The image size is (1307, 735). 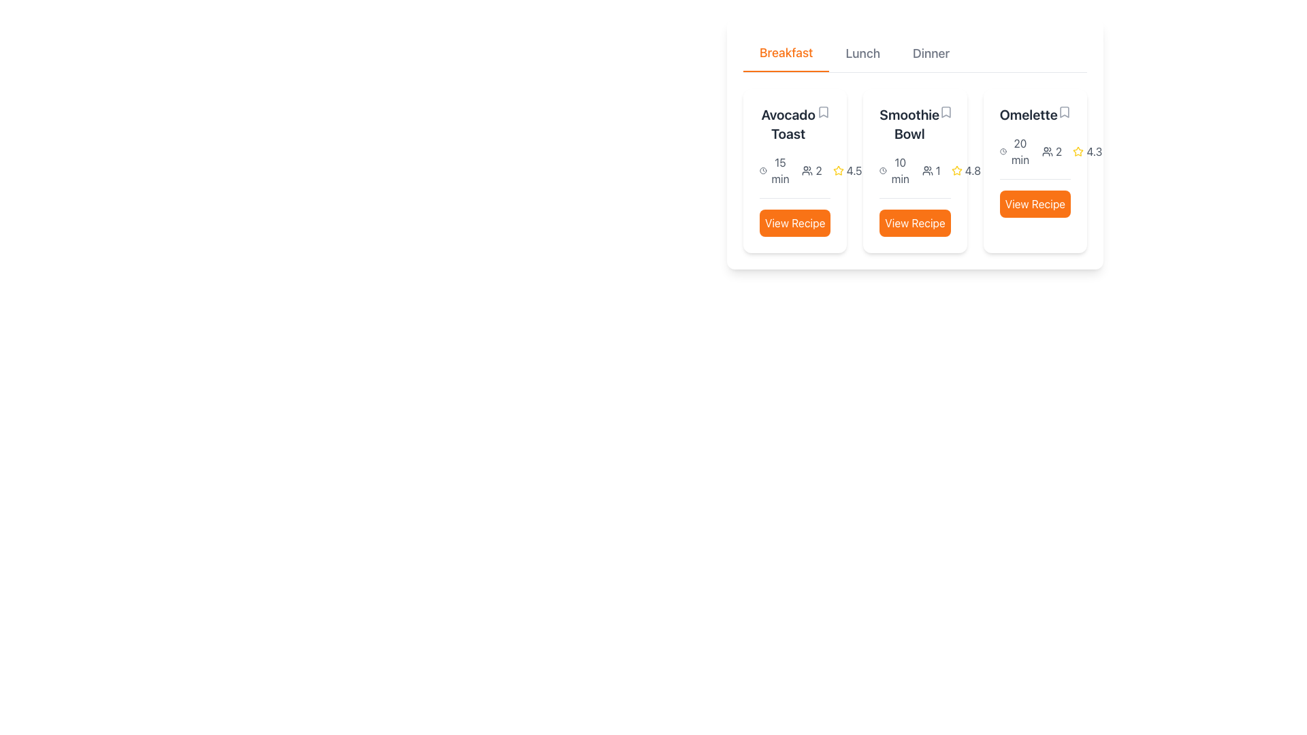 What do you see at coordinates (1094, 152) in the screenshot?
I see `the rating display text located in the rating section of the 'Omelette' card, which is positioned to the right of a yellow star icon` at bounding box center [1094, 152].